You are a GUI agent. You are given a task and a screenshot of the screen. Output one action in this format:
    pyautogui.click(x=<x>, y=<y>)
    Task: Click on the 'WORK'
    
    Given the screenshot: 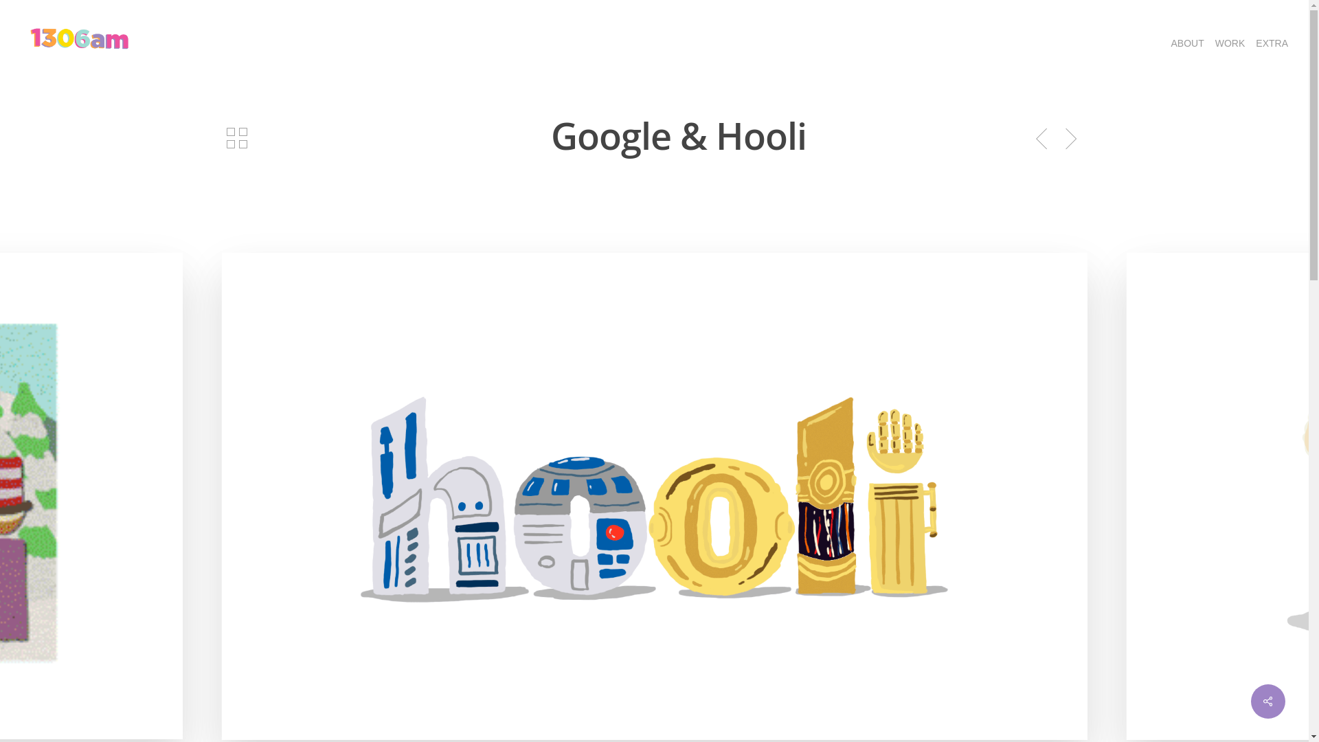 What is the action you would take?
    pyautogui.click(x=1230, y=42)
    